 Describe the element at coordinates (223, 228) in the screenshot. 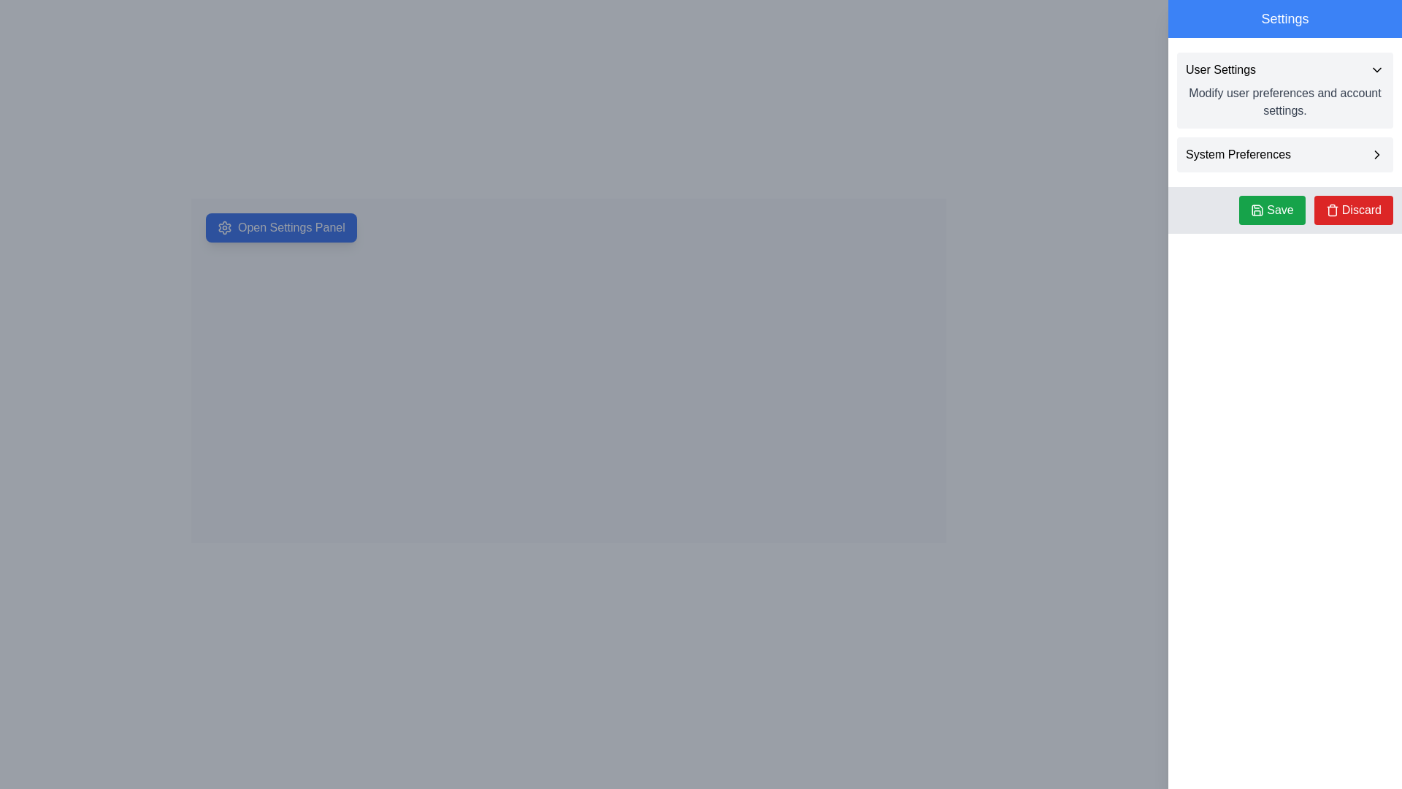

I see `the gear icon, which is part of the blue button labeled 'Open Settings Panel'` at that location.